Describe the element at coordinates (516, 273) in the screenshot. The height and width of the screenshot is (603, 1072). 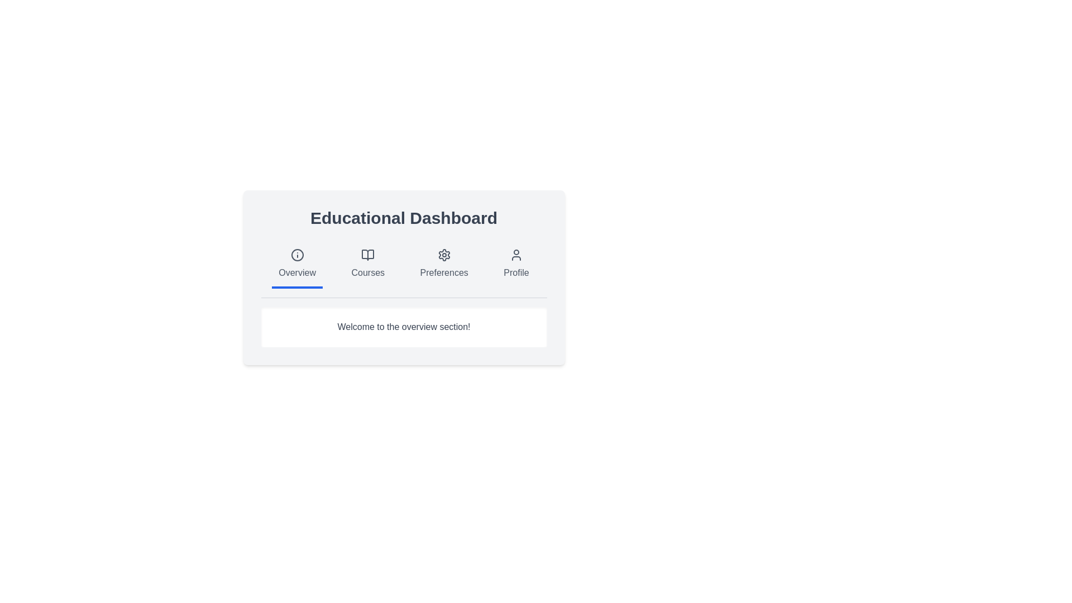
I see `the 'Profile' text label, which is styled in subtle gray and located beneath a user silhouette icon in the top center navigation menu` at that location.